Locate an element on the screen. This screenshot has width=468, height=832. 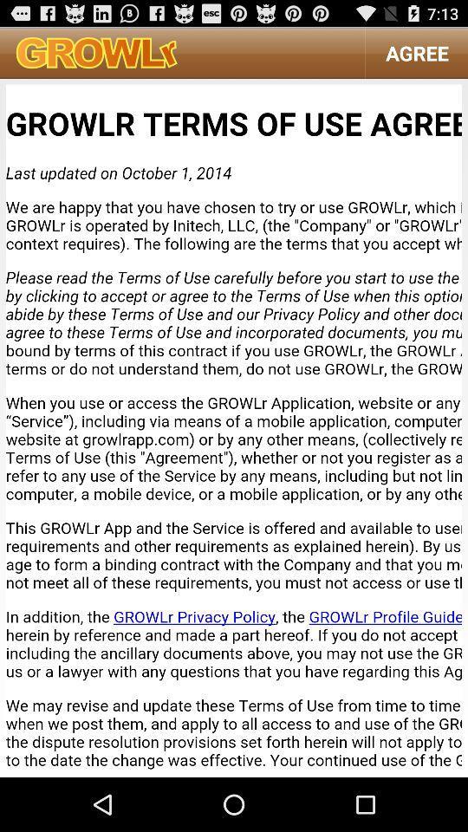
files is located at coordinates (234, 426).